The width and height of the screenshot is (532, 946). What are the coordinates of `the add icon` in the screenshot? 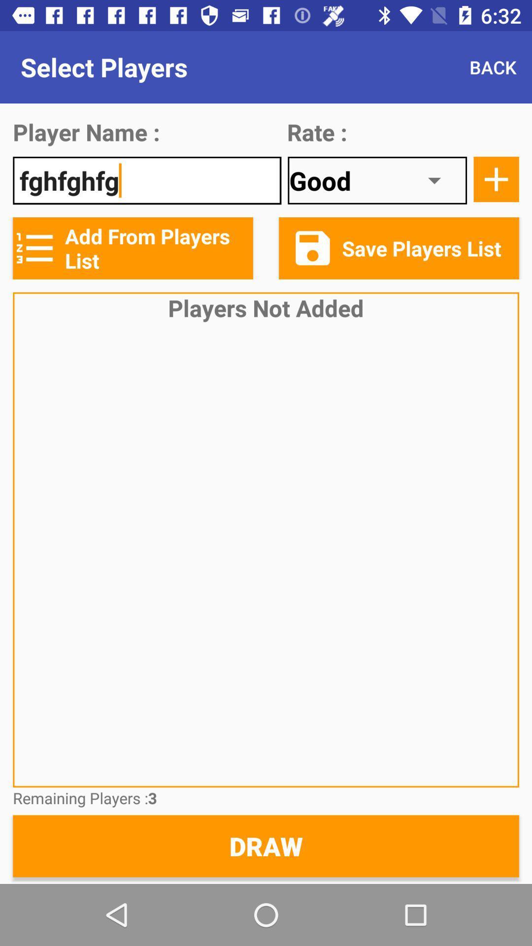 It's located at (496, 179).